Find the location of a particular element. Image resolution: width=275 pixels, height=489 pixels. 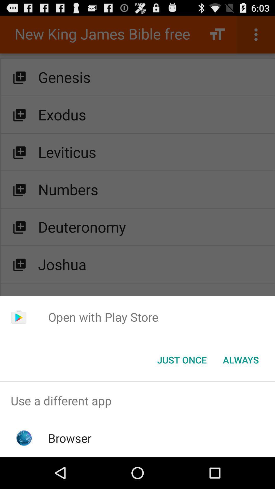

button at the bottom right corner is located at coordinates (241, 359).